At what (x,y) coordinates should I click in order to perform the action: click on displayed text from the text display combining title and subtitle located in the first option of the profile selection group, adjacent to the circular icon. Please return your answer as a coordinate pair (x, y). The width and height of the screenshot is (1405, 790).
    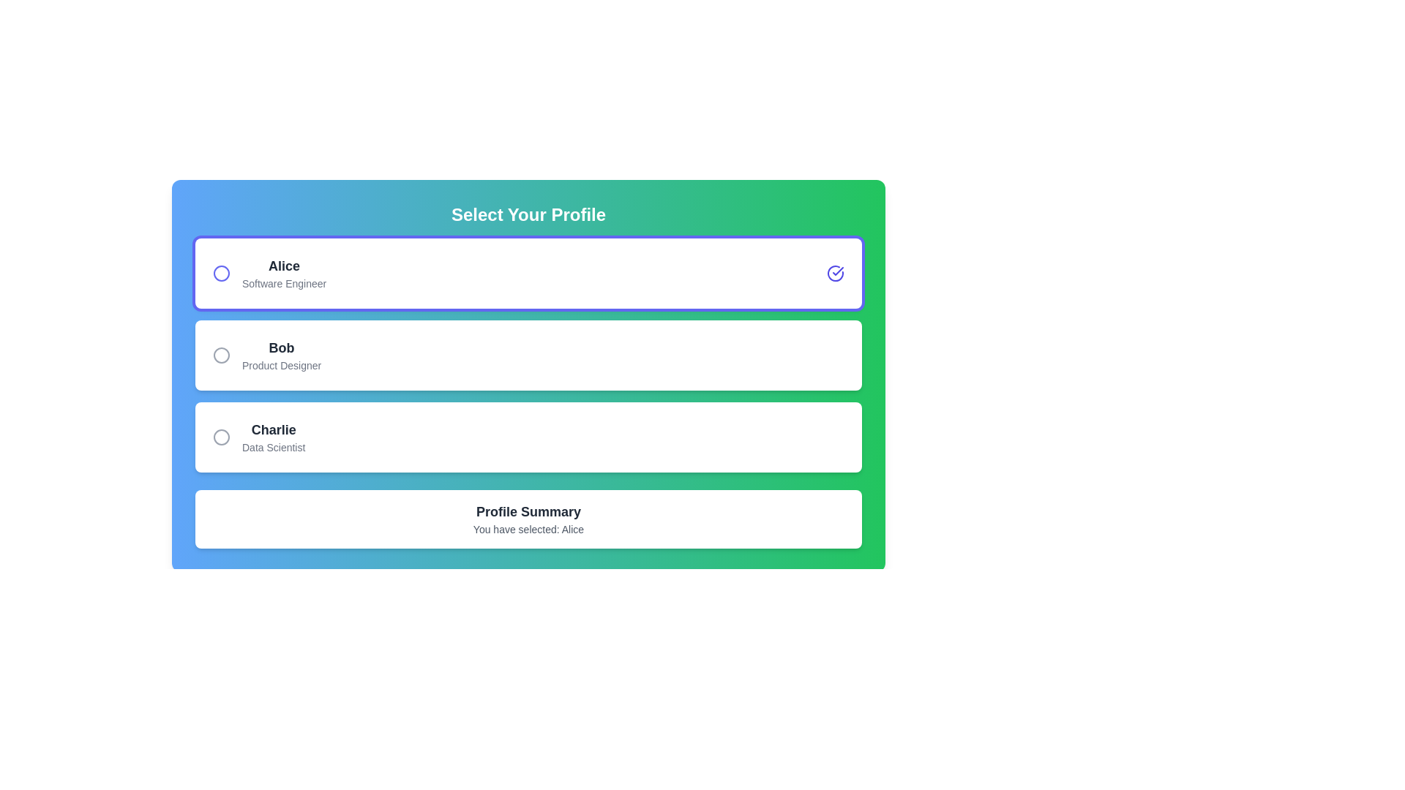
    Looking at the image, I should click on (269, 274).